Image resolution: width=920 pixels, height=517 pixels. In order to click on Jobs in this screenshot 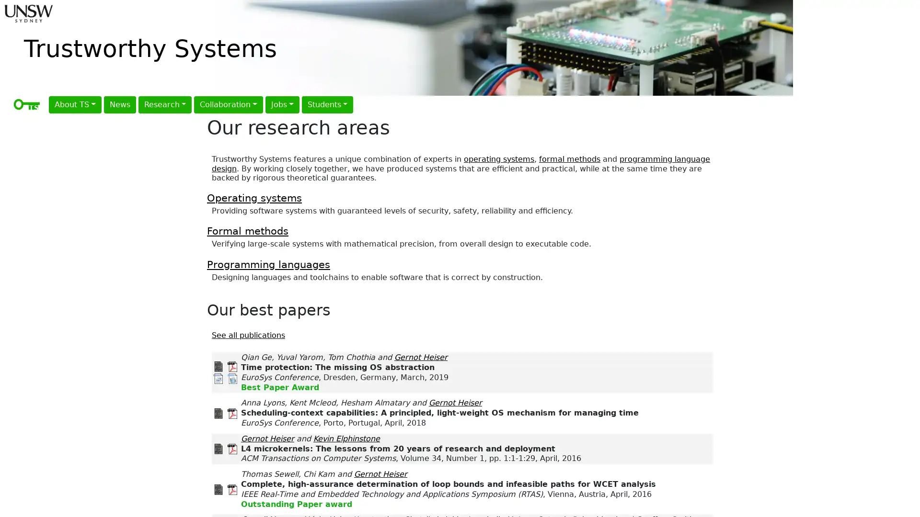, I will do `click(282, 104)`.